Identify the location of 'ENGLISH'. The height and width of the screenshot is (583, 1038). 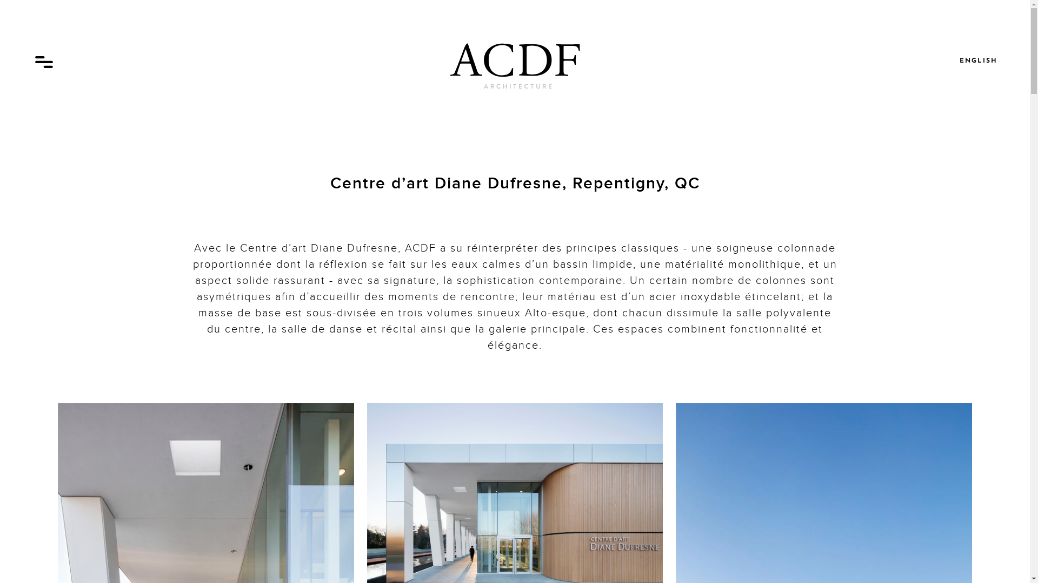
(978, 60).